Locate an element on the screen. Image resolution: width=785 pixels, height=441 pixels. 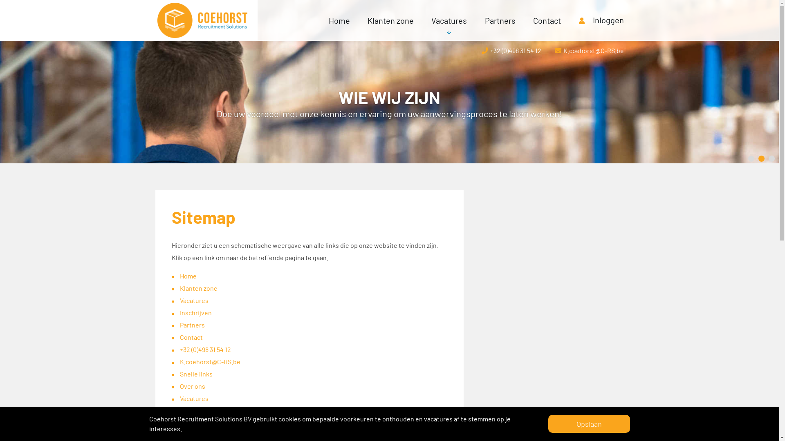
'2' is located at coordinates (761, 158).